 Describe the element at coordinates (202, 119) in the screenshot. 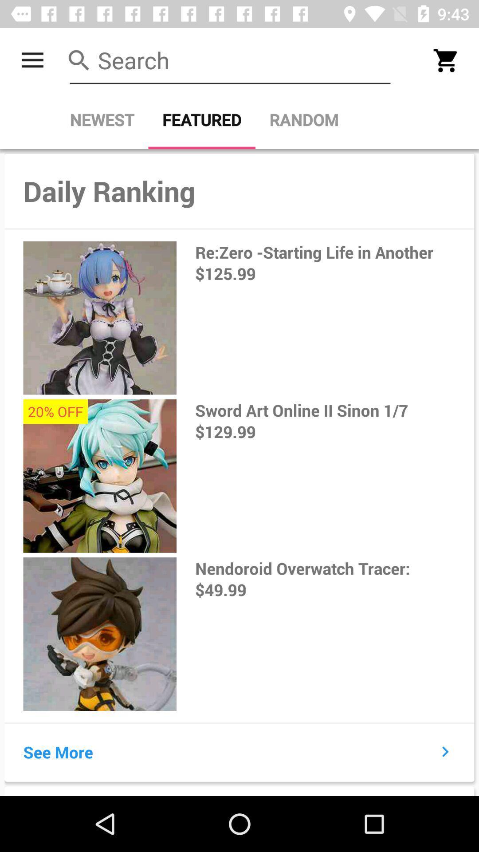

I see `icon next to the newest icon` at that location.